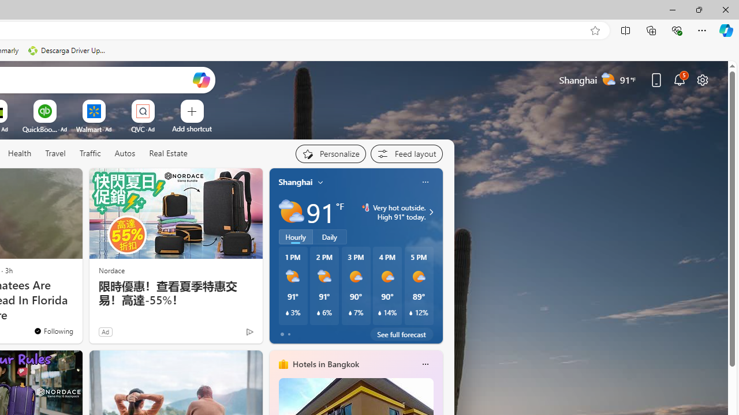 This screenshot has height=415, width=739. I want to click on 'Autos', so click(125, 153).